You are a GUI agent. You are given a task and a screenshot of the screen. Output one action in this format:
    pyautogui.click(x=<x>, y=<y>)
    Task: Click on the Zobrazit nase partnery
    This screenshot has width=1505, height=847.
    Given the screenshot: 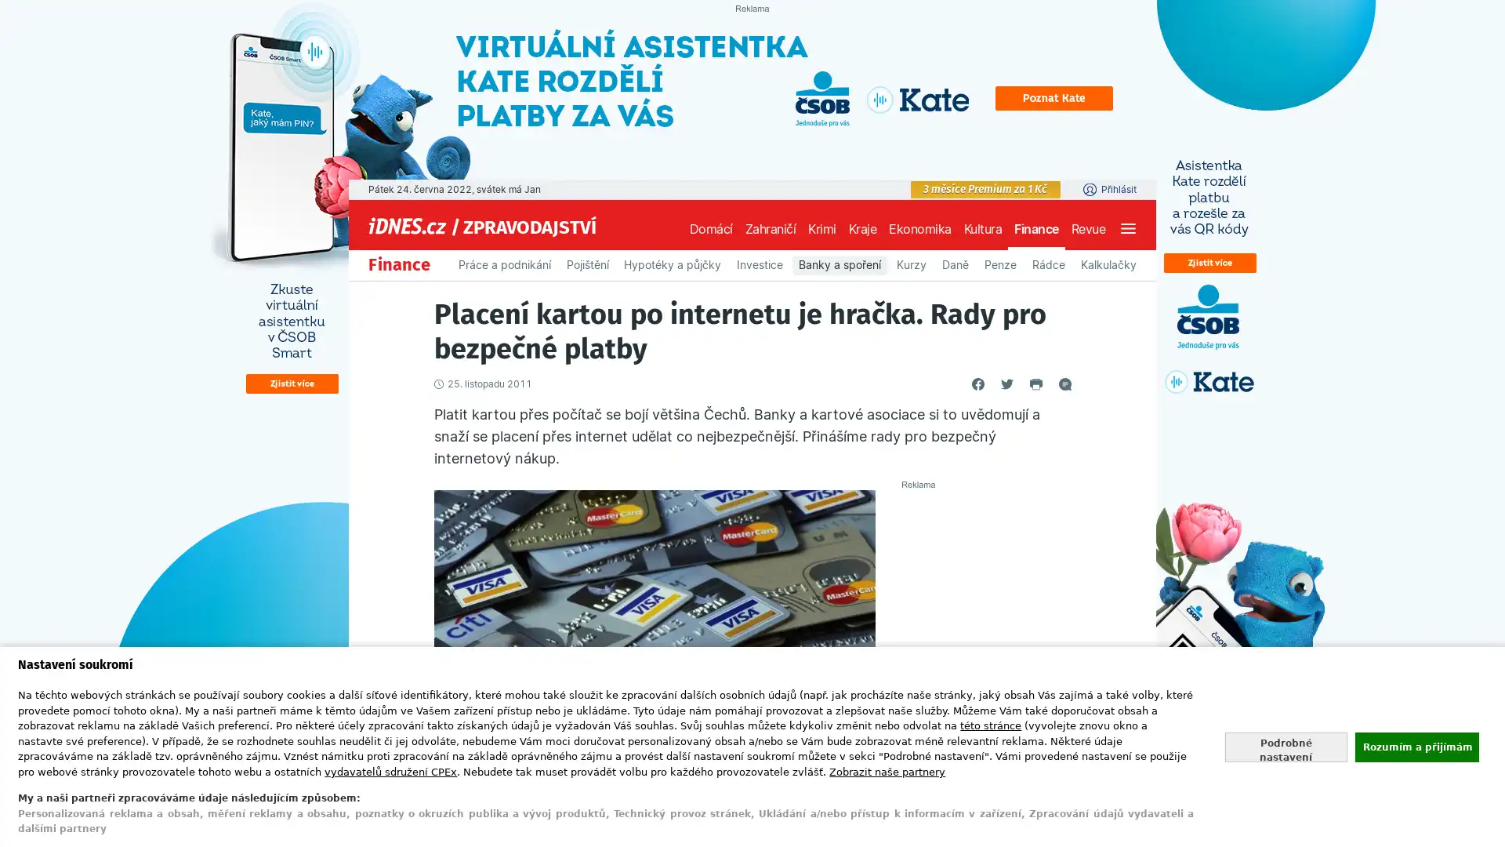 What is the action you would take?
    pyautogui.click(x=887, y=770)
    